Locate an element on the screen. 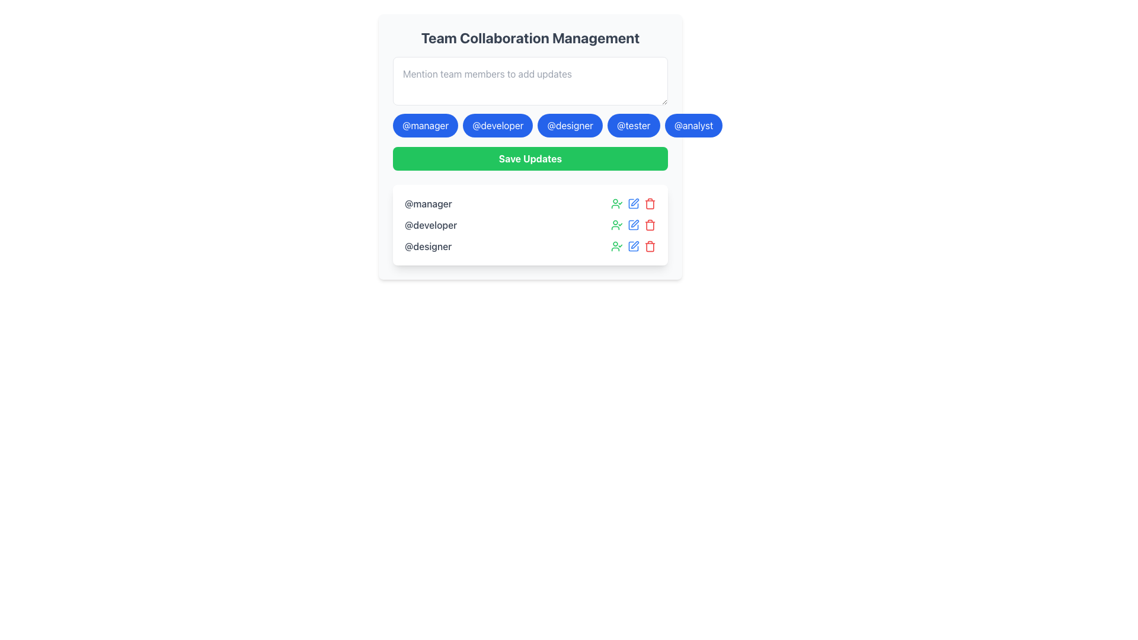  the green 'Save Updates' button with rounded corners is located at coordinates (529, 158).